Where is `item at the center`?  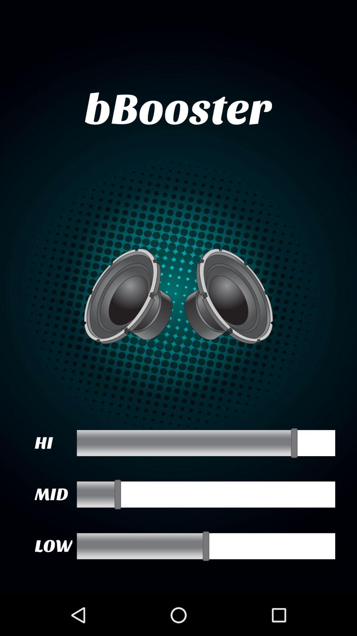
item at the center is located at coordinates (178, 296).